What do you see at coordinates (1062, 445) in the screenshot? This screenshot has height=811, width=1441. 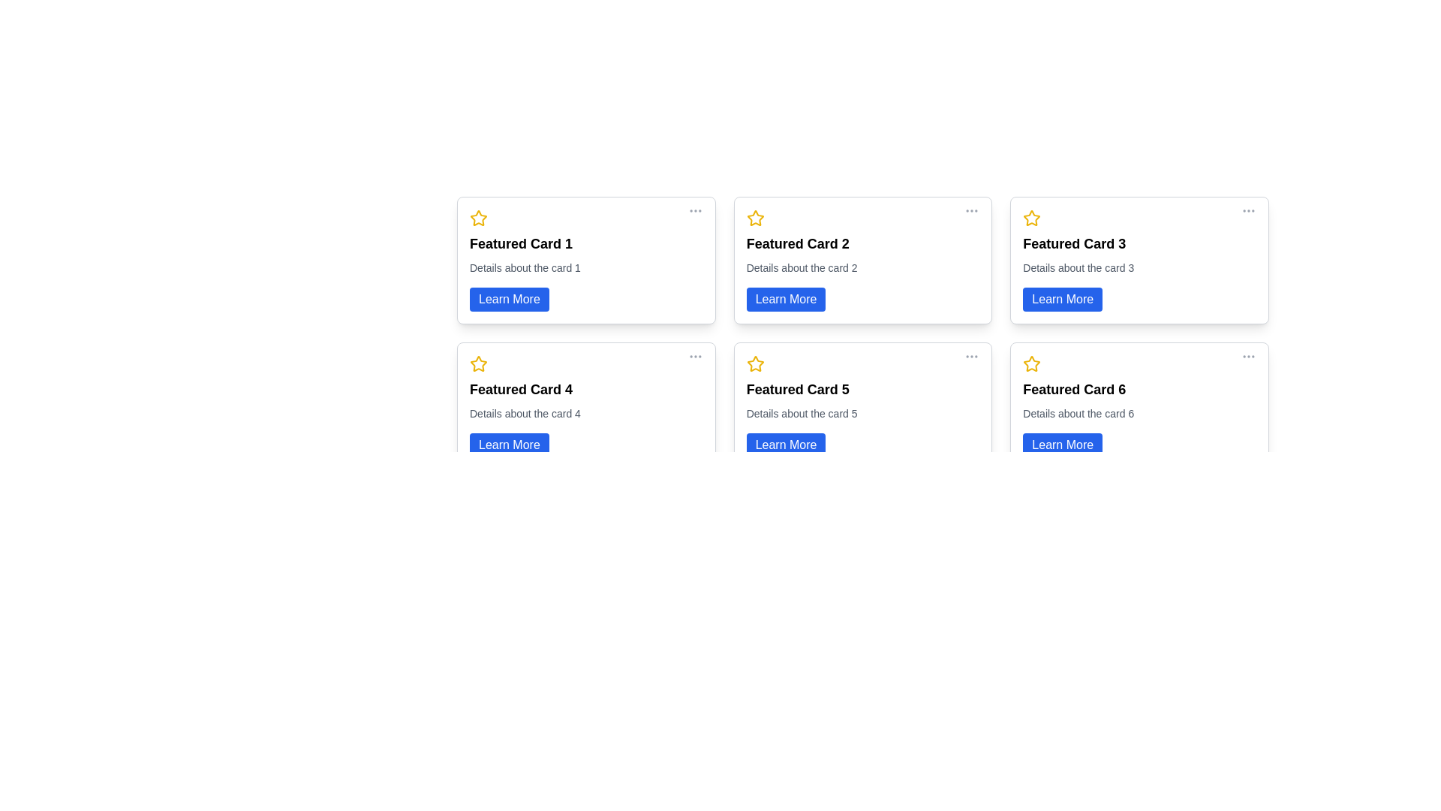 I see `the action button located at the bottom of the 'Featured Card 6'` at bounding box center [1062, 445].